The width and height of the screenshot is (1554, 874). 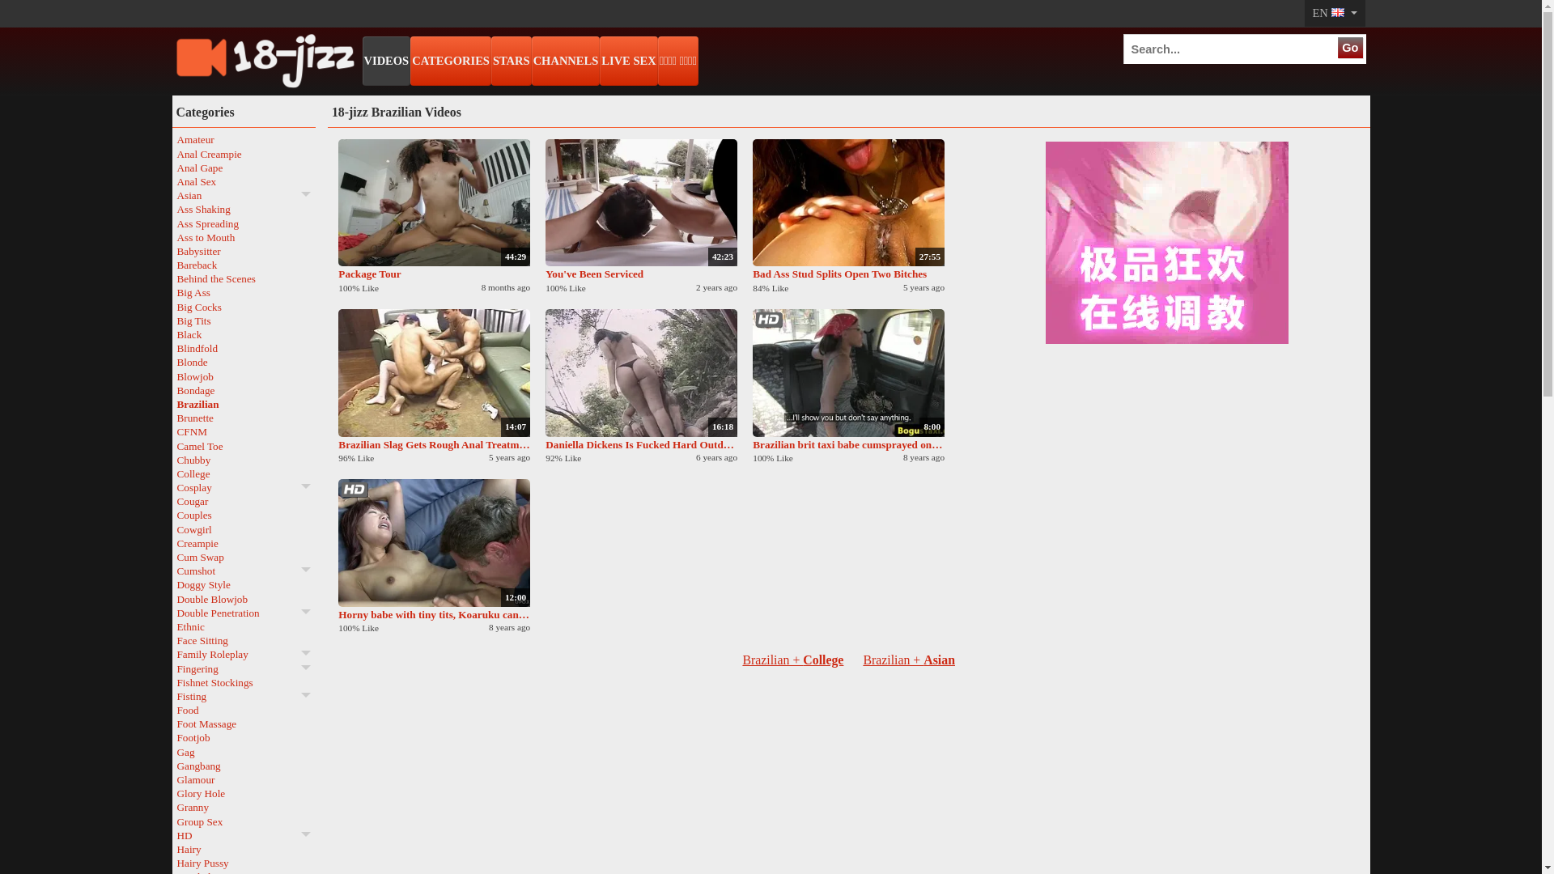 I want to click on 'Bad Ass Stud Splits Open Two Bitches', so click(x=847, y=273).